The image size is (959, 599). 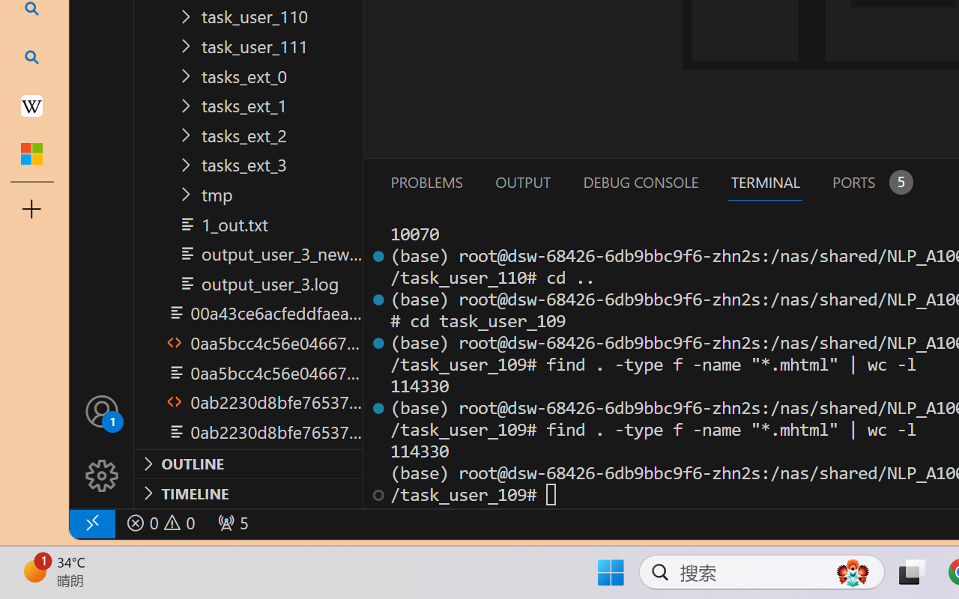 What do you see at coordinates (871, 181) in the screenshot?
I see `'Ports - 5 forwarded ports'` at bounding box center [871, 181].